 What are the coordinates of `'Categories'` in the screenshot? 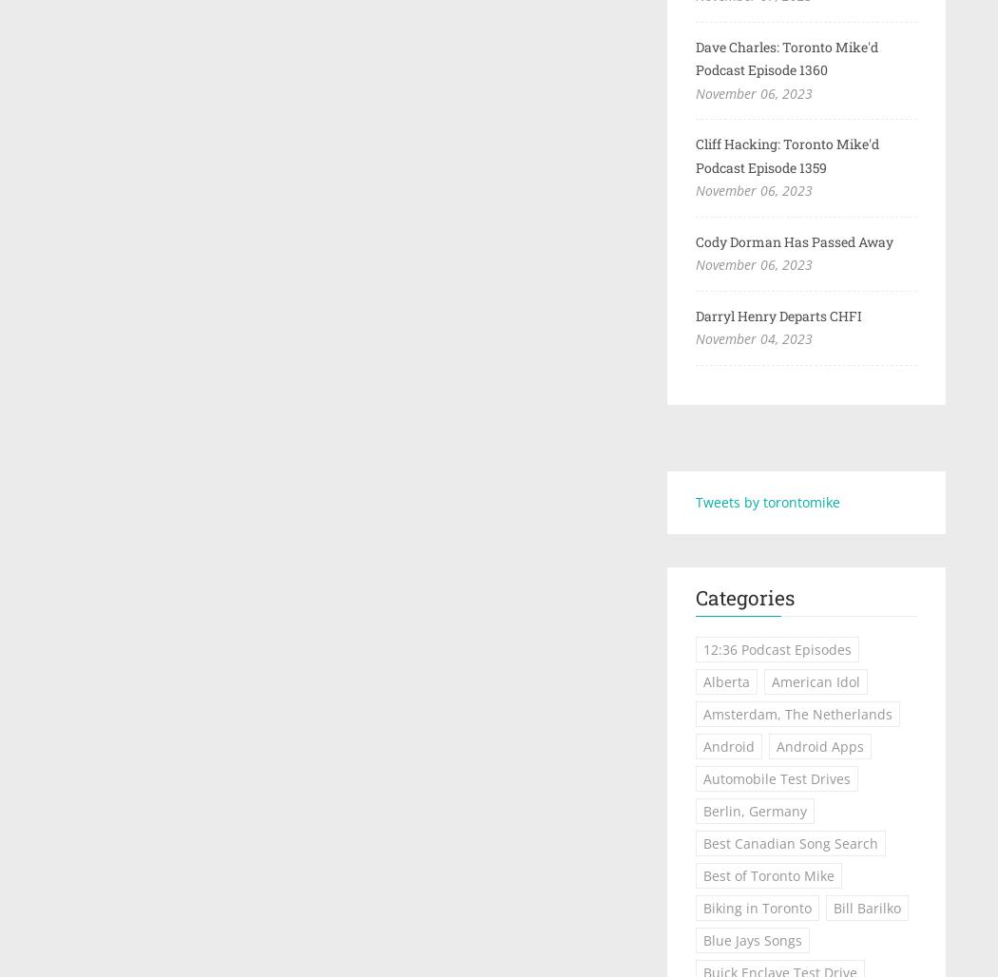 It's located at (743, 597).